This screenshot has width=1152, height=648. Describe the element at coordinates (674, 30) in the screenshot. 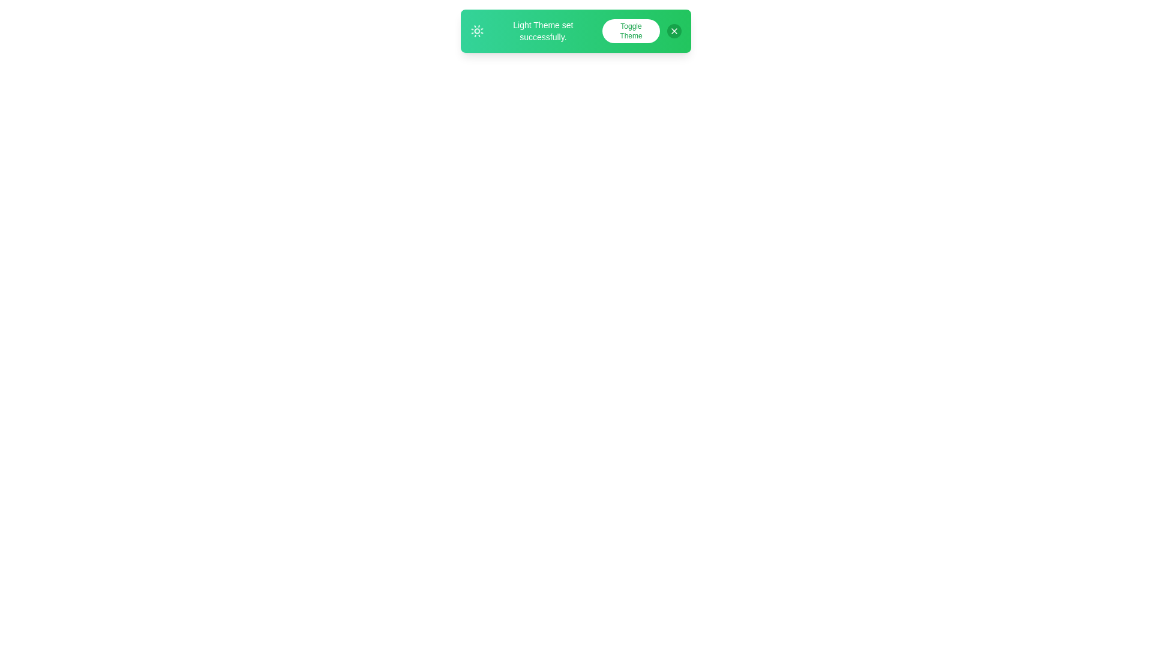

I see `the 'X' button to close the snackbar` at that location.